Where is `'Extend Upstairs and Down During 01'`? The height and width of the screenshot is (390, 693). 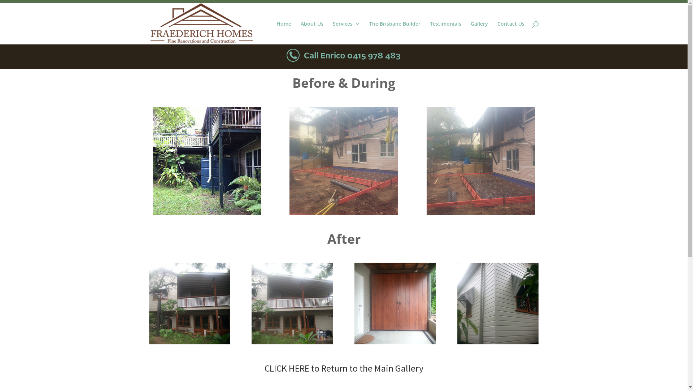
'Extend Upstairs and Down During 01' is located at coordinates (343, 161).